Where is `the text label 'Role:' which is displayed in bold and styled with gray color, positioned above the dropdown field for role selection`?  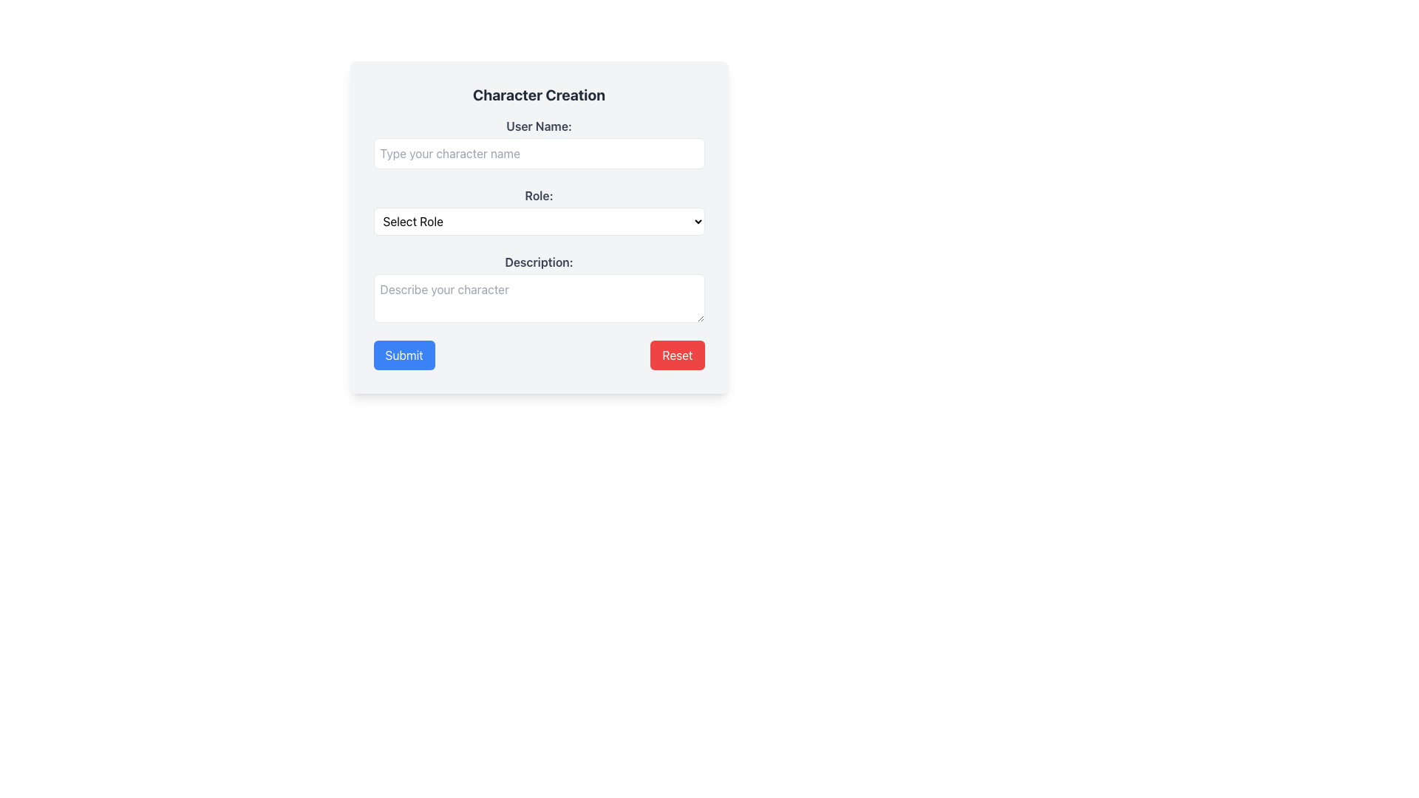 the text label 'Role:' which is displayed in bold and styled with gray color, positioned above the dropdown field for role selection is located at coordinates (538, 195).